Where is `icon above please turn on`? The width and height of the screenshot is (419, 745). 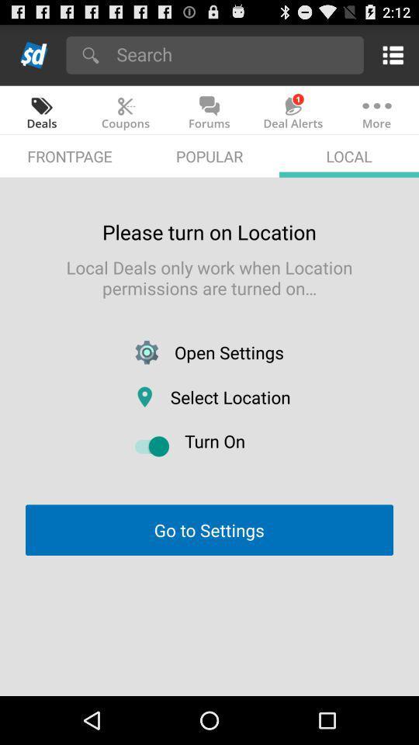
icon above please turn on is located at coordinates (209, 156).